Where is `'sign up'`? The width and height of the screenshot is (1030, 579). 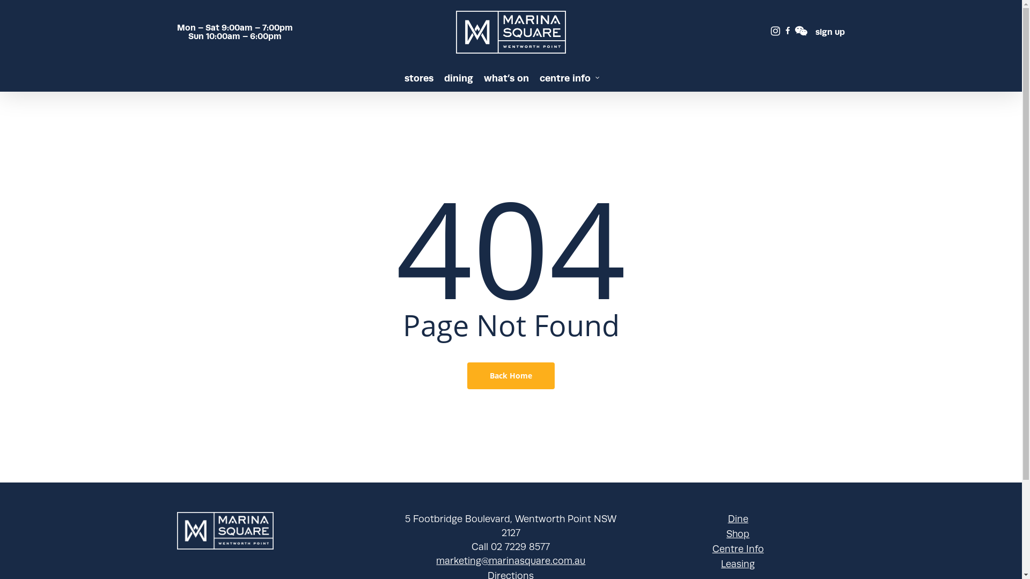 'sign up' is located at coordinates (826, 32).